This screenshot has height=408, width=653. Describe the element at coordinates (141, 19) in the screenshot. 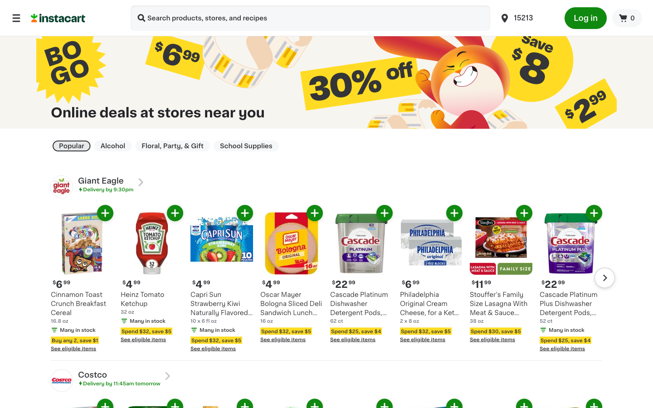

I see `Perform Search for "Diet Coke Can` at that location.